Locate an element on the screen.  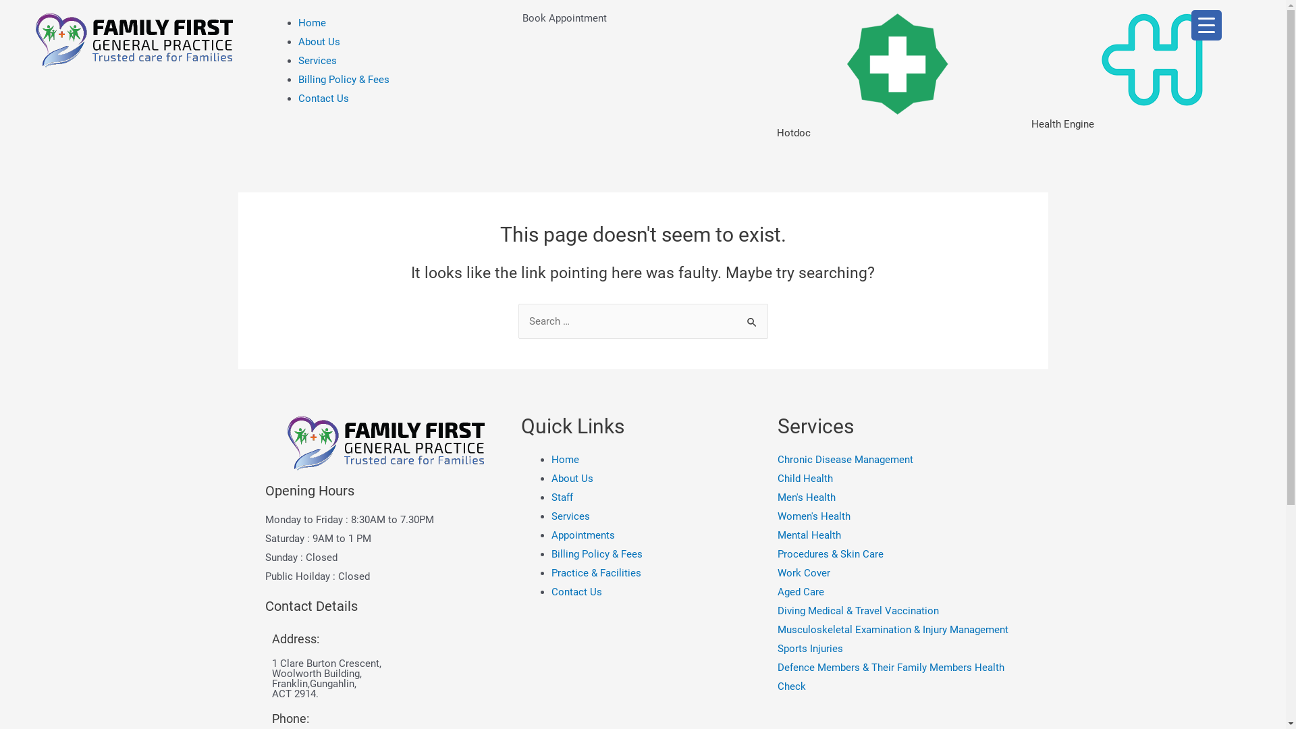
'Home' is located at coordinates (311, 23).